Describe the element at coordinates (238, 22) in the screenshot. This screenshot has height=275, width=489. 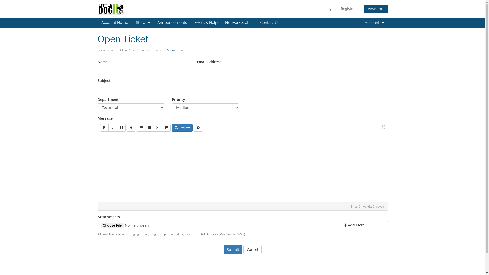
I see `'Network Status'` at that location.